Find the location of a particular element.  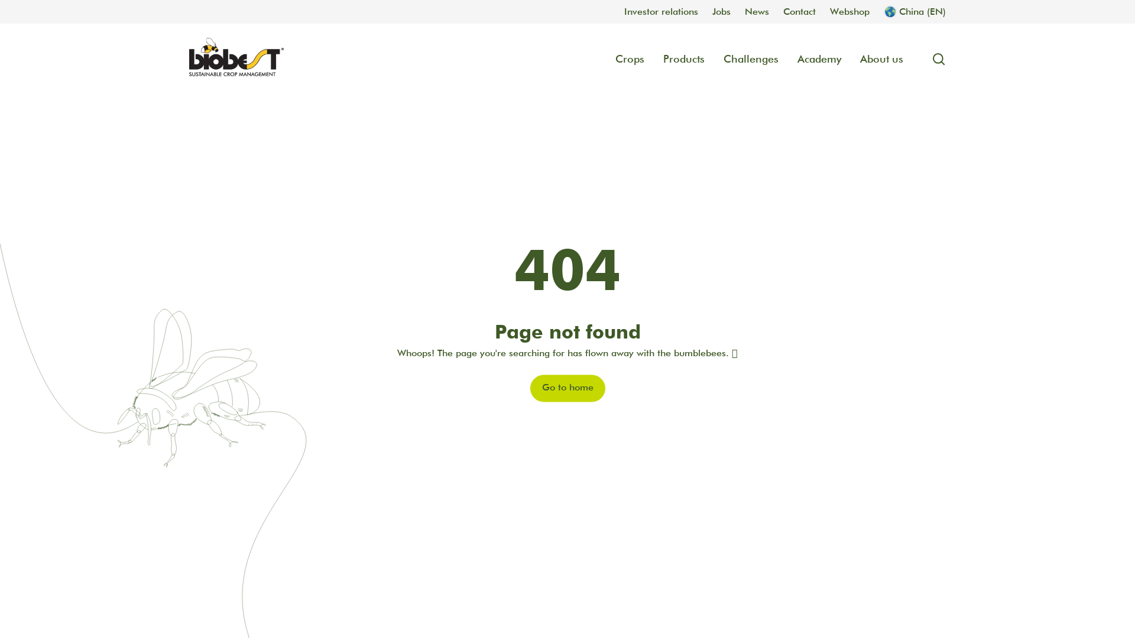

'Go to home' is located at coordinates (566, 389).